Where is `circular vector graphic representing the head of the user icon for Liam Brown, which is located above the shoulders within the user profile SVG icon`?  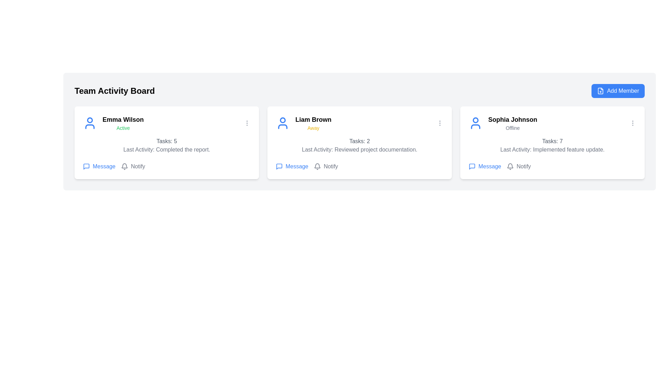
circular vector graphic representing the head of the user icon for Liam Brown, which is located above the shoulders within the user profile SVG icon is located at coordinates (282, 120).